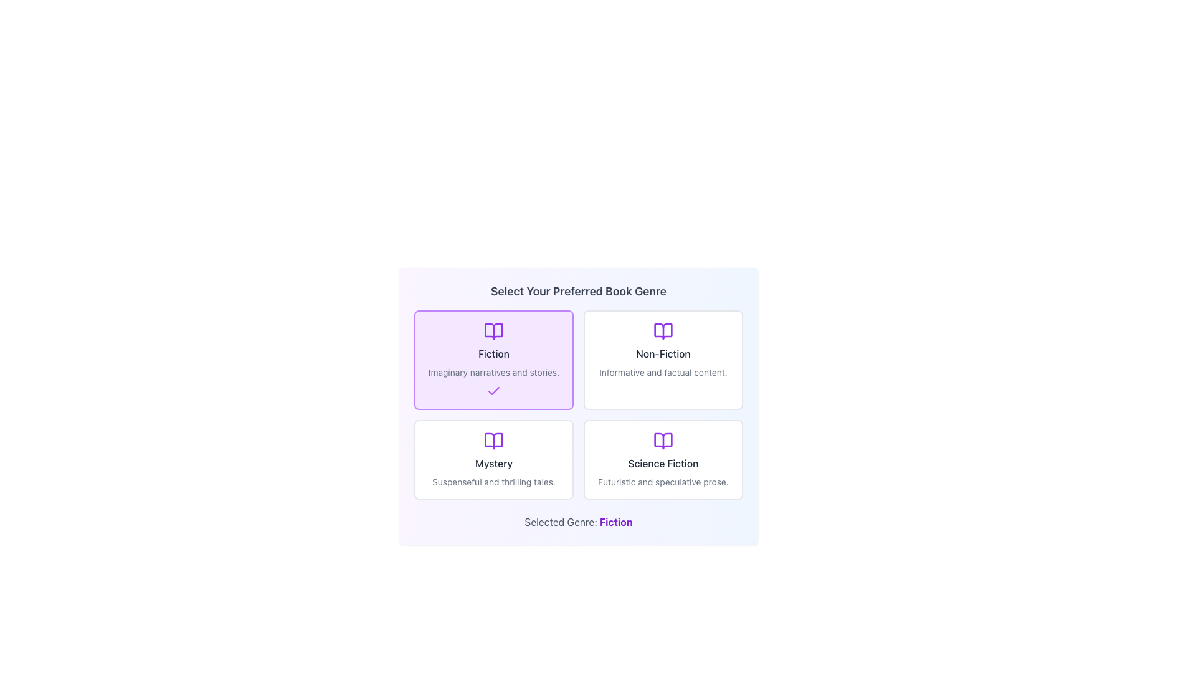 The height and width of the screenshot is (673, 1196). I want to click on the left side of the book icon in the 'Non-Fiction' button located in the top-right square of the option grid, so click(663, 331).